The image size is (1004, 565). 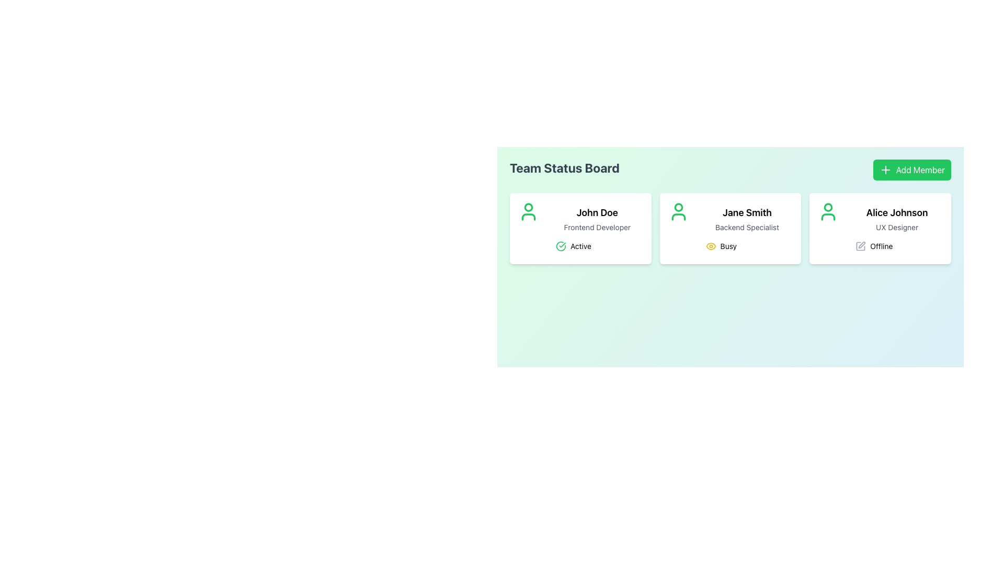 What do you see at coordinates (729, 228) in the screenshot?
I see `the information card displaying user 'Jane Smith', who is a 'Backend Specialist' and is currently 'Busy'. This card is the second in a three-column grid layout` at bounding box center [729, 228].